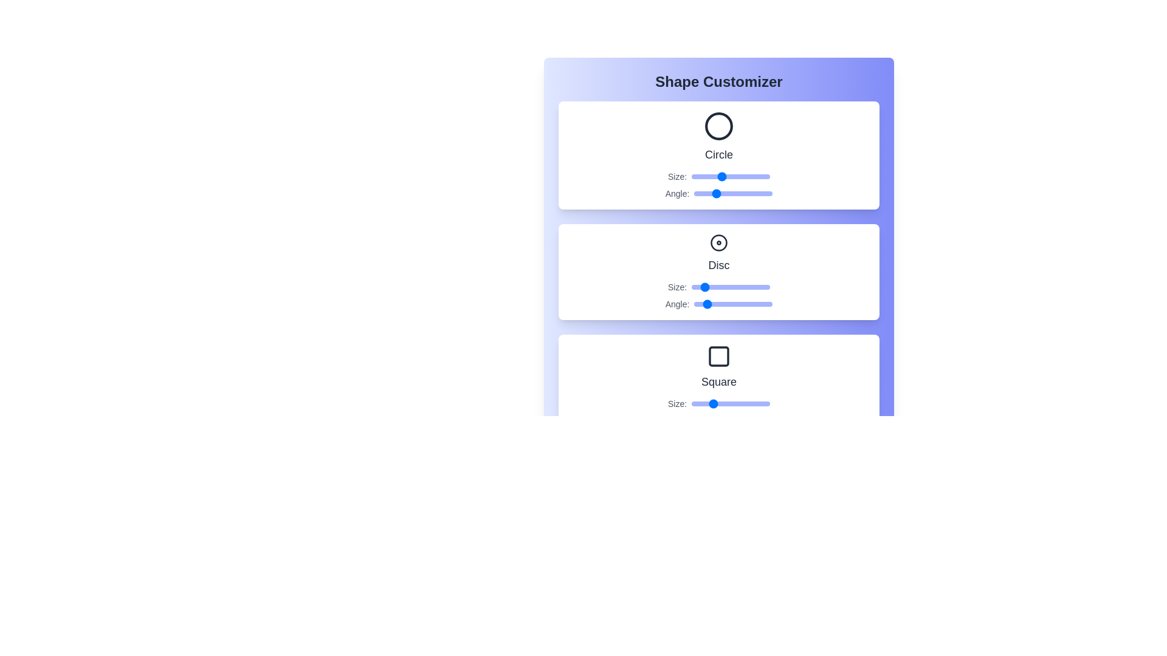  What do you see at coordinates (718, 264) in the screenshot?
I see `the name of the shape Disc` at bounding box center [718, 264].